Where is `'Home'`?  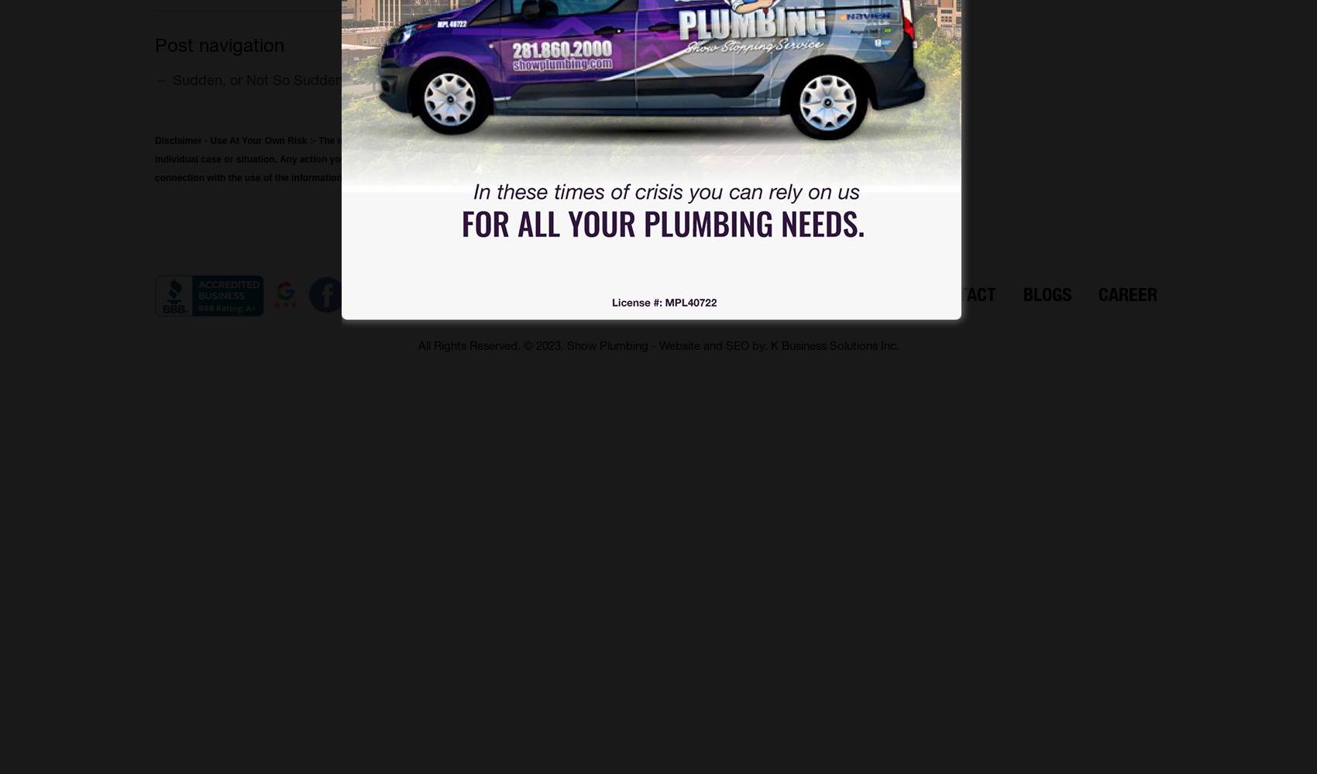
'Home' is located at coordinates (489, 293).